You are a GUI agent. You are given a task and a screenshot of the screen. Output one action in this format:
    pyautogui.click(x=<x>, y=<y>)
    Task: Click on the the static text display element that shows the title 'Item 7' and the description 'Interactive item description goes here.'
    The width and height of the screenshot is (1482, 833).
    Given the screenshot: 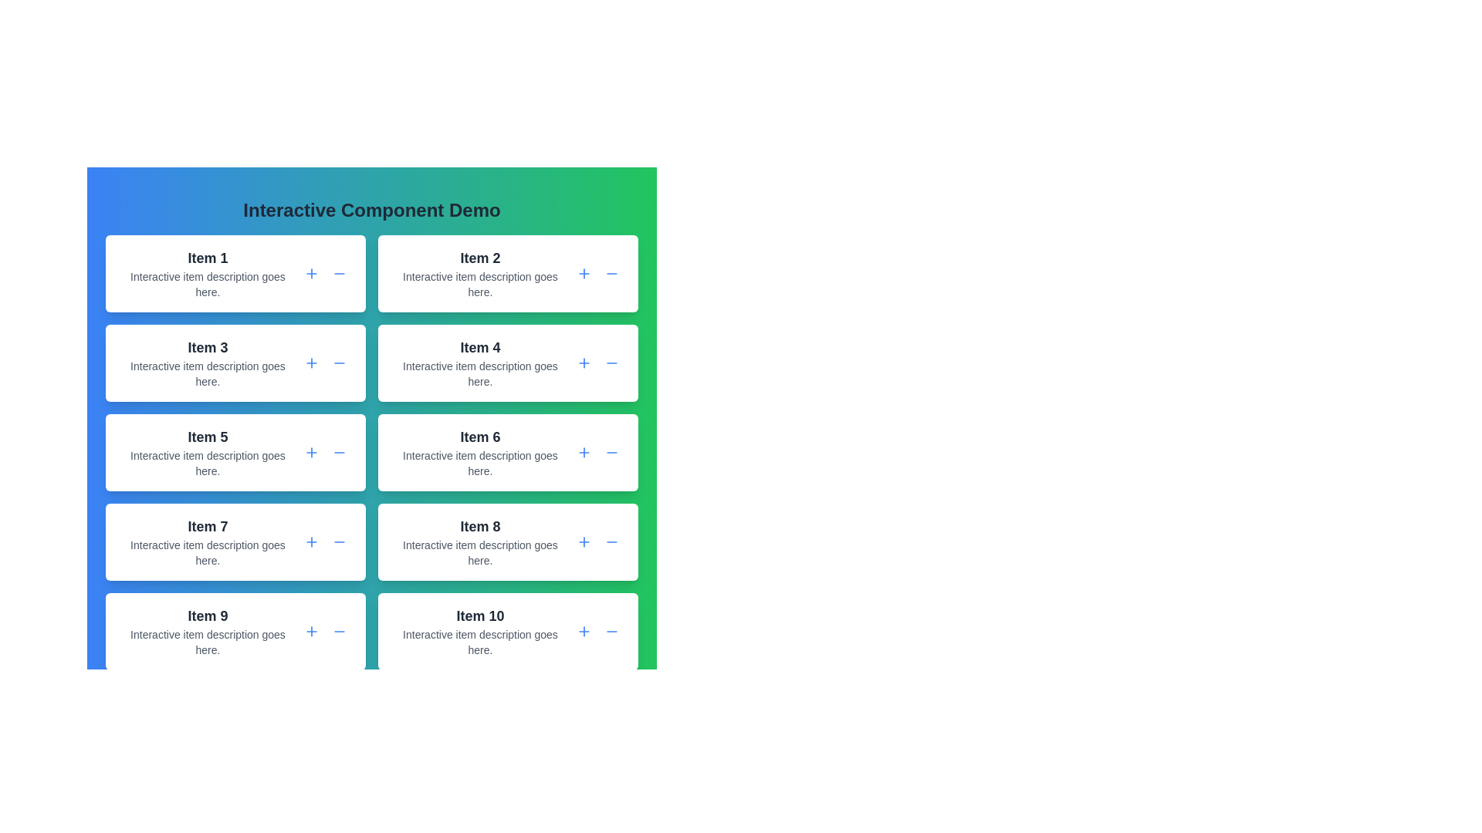 What is the action you would take?
    pyautogui.click(x=207, y=541)
    